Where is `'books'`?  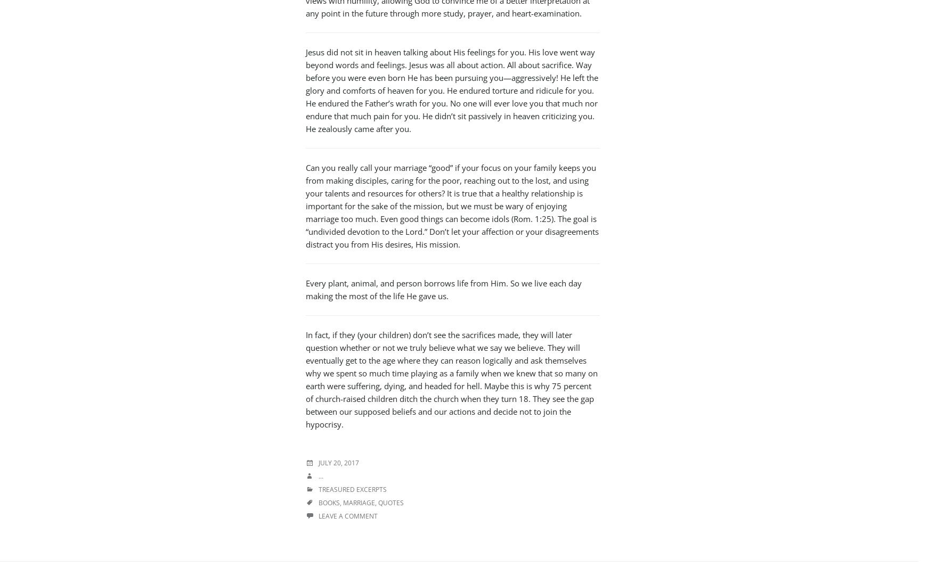
'books' is located at coordinates (329, 503).